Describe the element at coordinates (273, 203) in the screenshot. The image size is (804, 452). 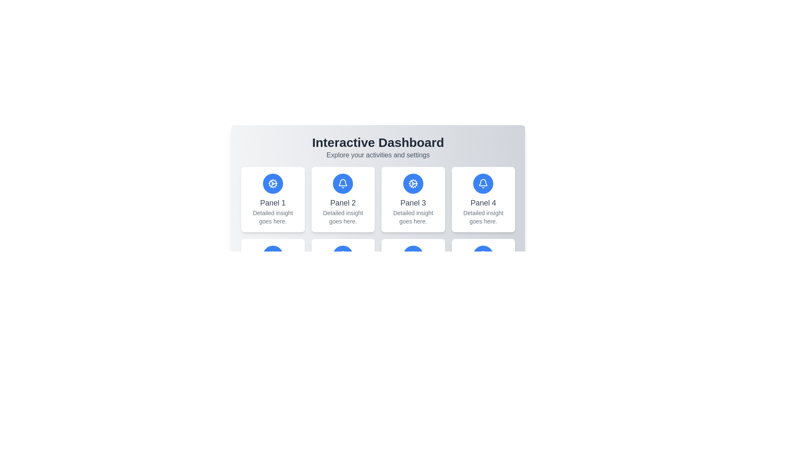
I see `text content of the Text Label identified as 'Panel 1', which is located in the top left card of a grid layout, positioned below a blue circular icon with a cogwheel symbol` at that location.